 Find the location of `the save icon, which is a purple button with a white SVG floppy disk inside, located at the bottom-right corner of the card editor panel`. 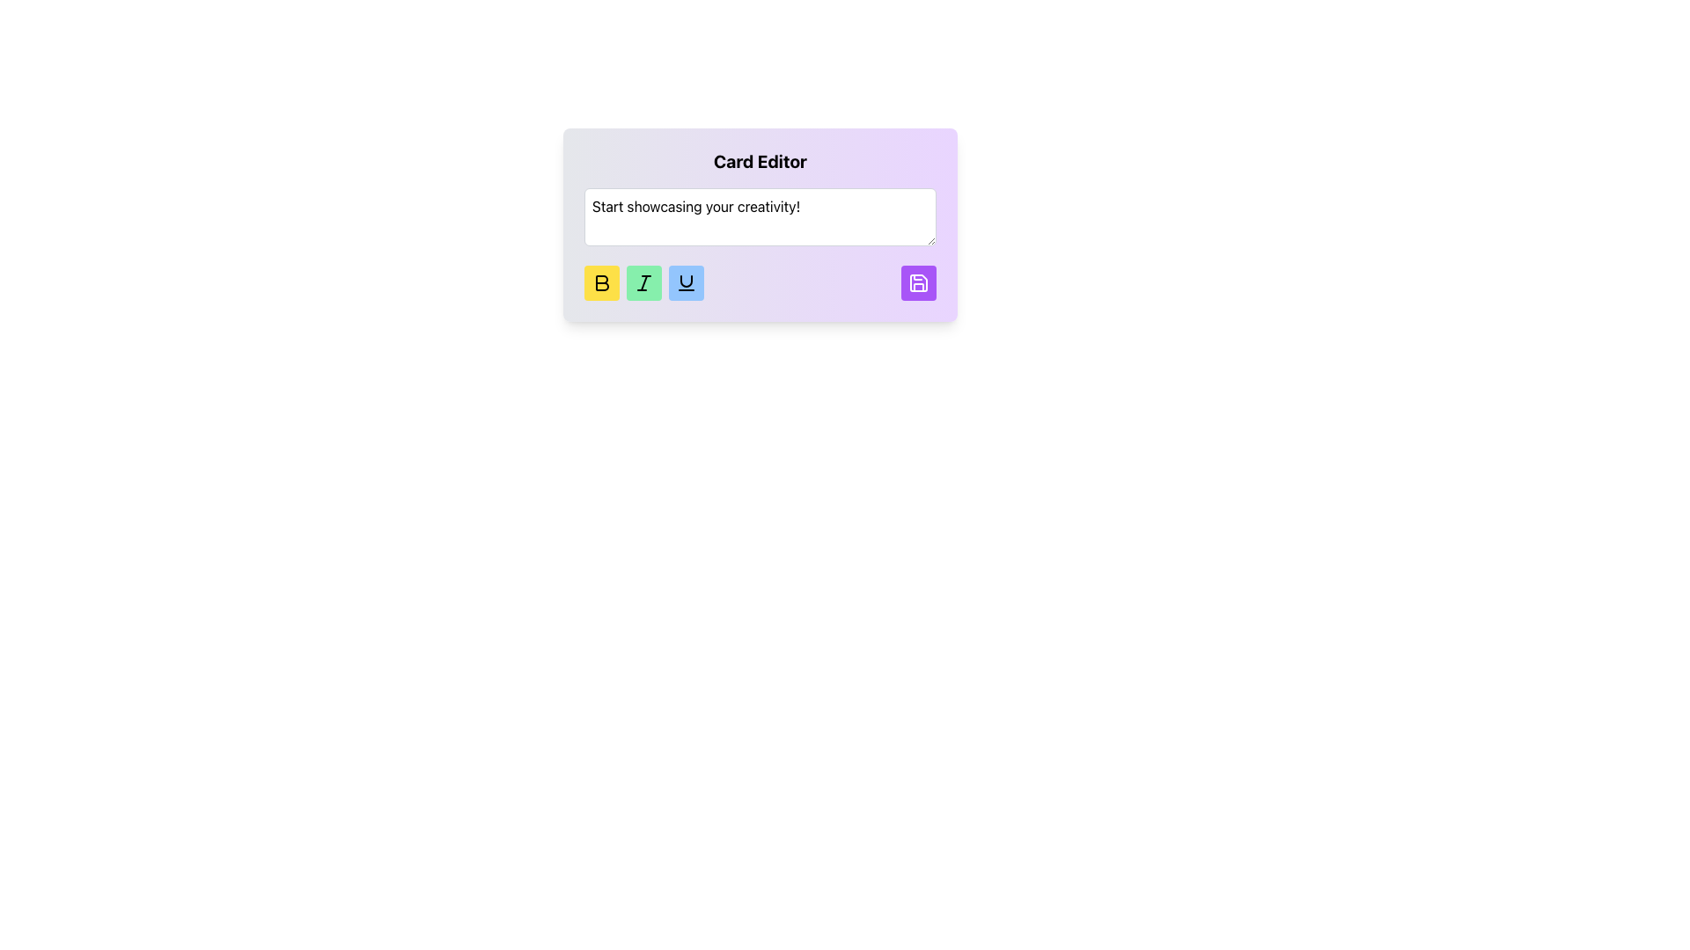

the save icon, which is a purple button with a white SVG floppy disk inside, located at the bottom-right corner of the card editor panel is located at coordinates (917, 281).